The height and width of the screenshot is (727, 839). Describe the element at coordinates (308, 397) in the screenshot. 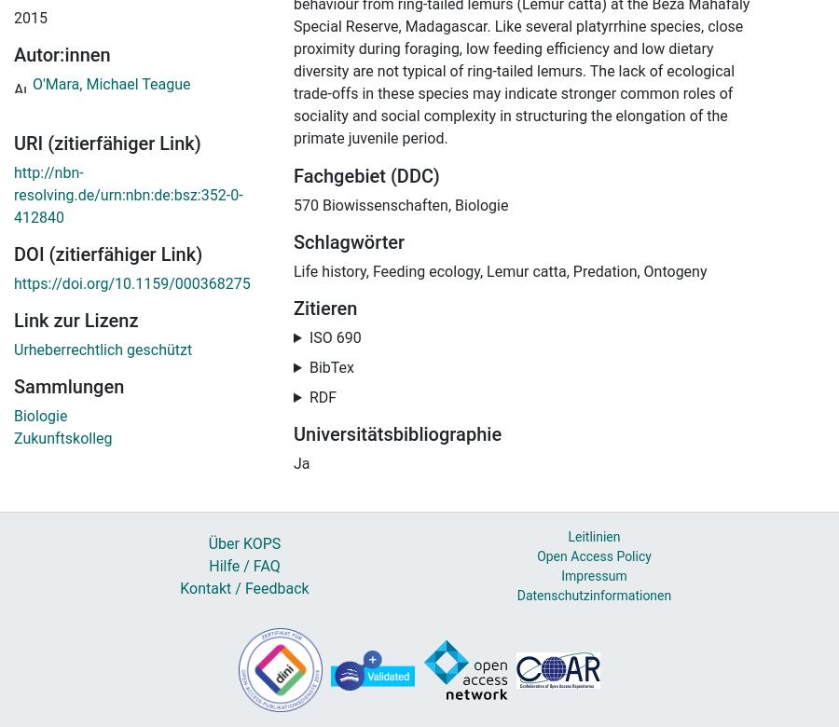

I see `'RDF'` at that location.